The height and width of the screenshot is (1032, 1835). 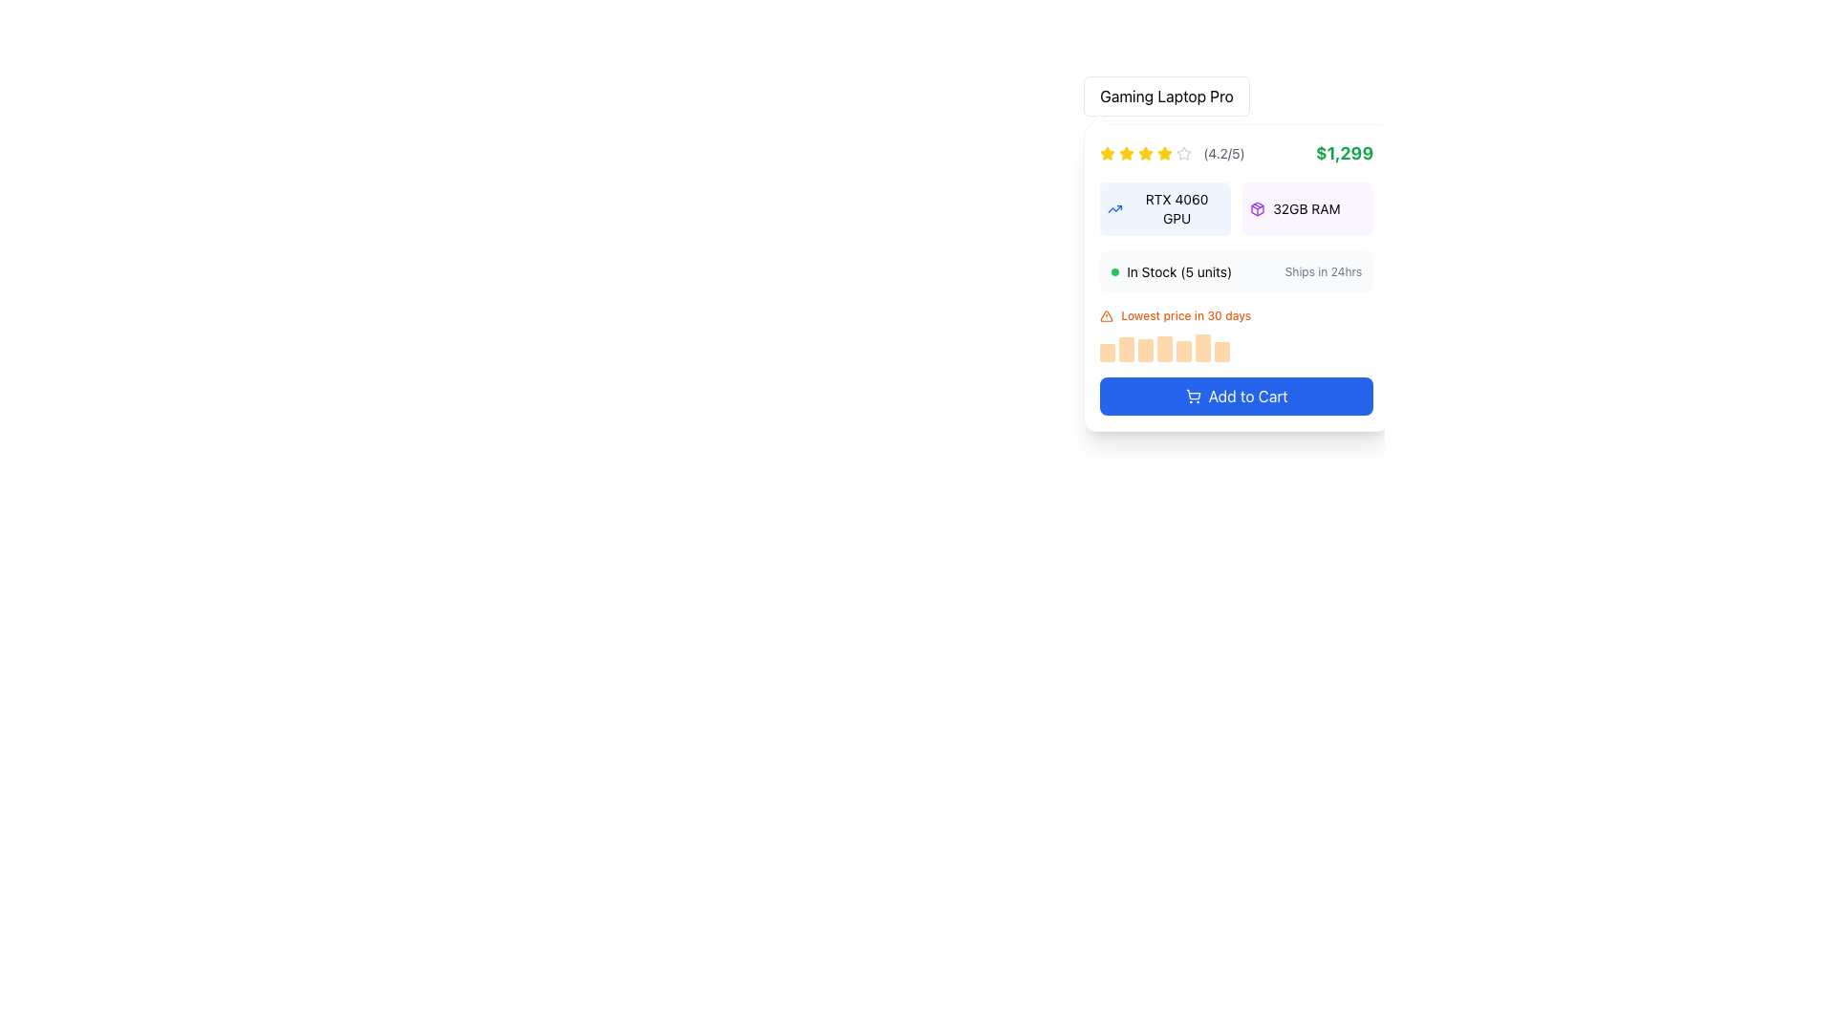 I want to click on the blue vector icon representing a trending graph with an upward arrow, located to the left of the 'RTX 4060 GPU' section, so click(x=1115, y=209).